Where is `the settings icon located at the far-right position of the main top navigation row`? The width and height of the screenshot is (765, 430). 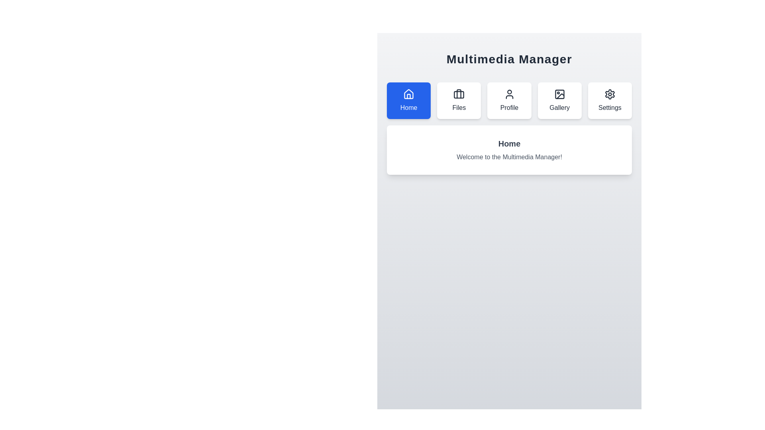
the settings icon located at the far-right position of the main top navigation row is located at coordinates (609, 94).